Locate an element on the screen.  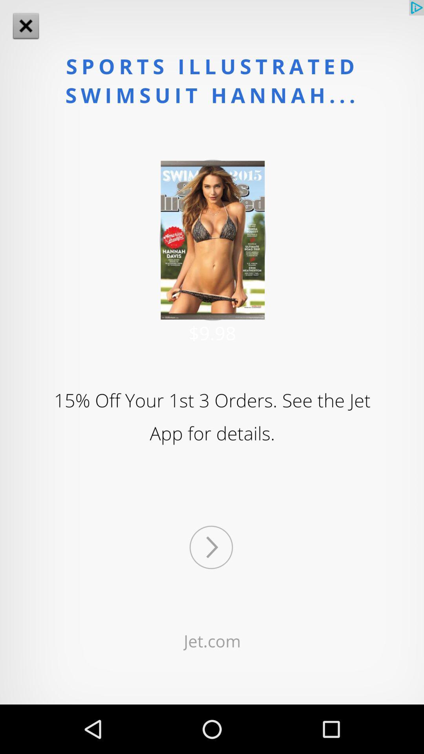
the close icon is located at coordinates (25, 27).